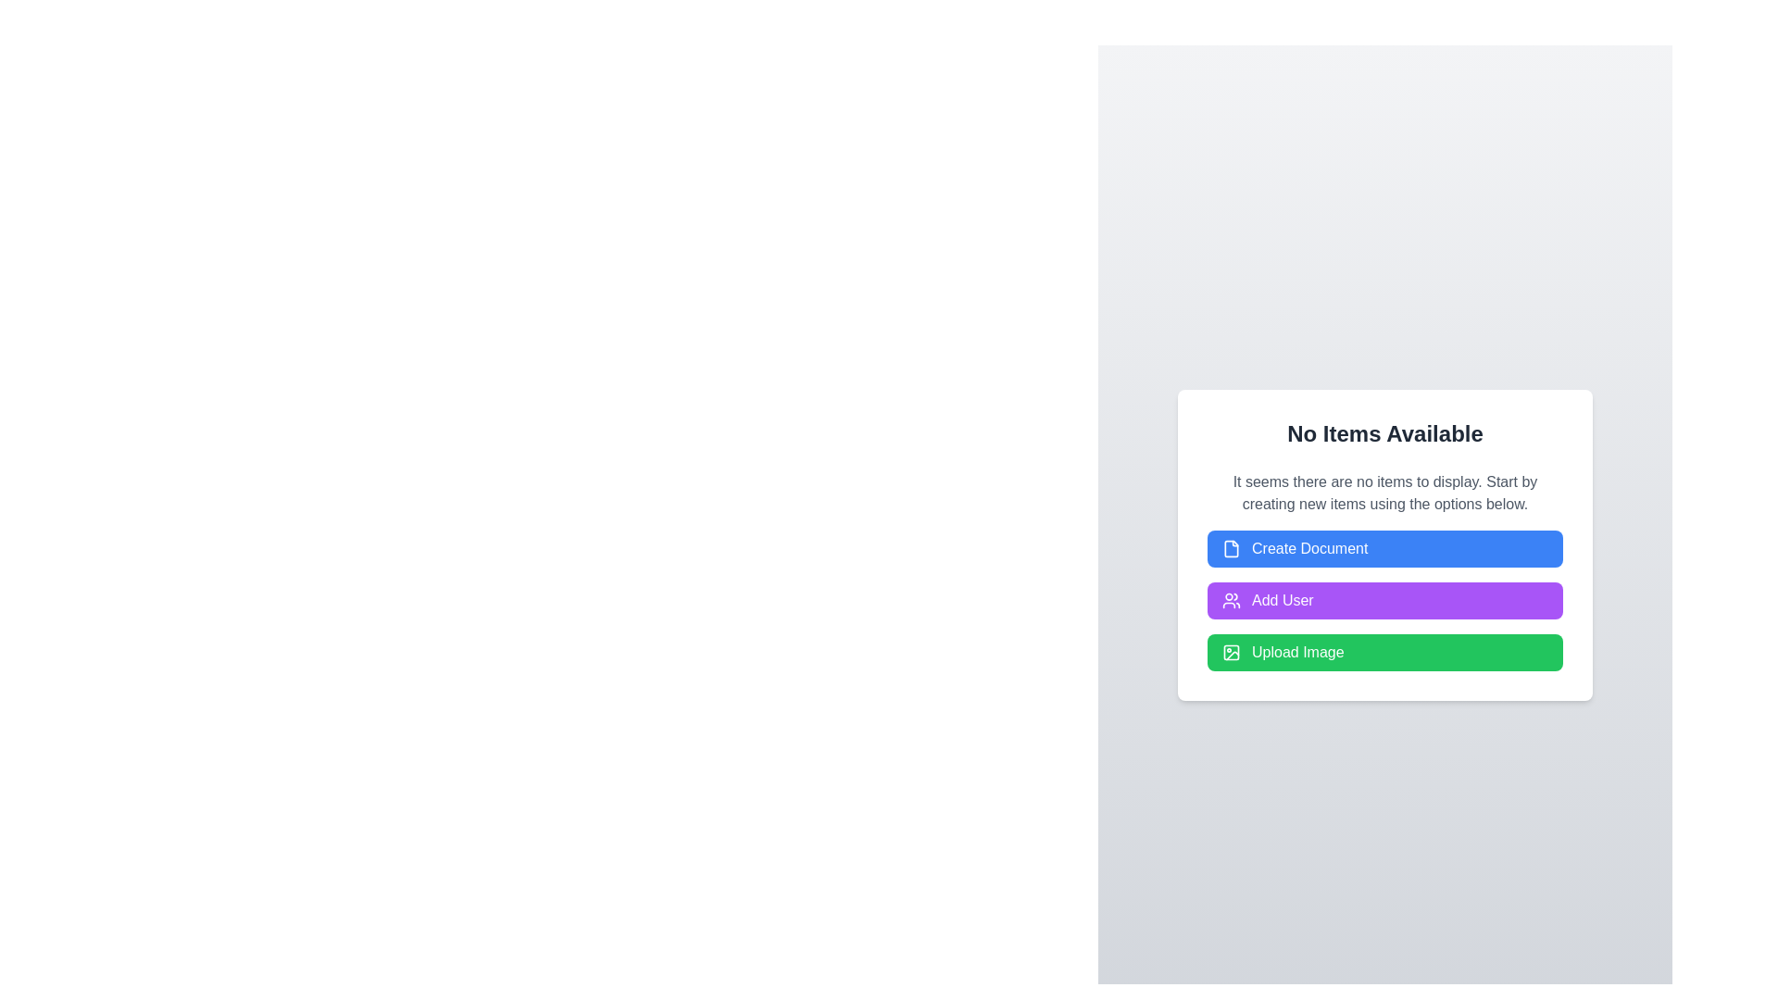 The height and width of the screenshot is (1000, 1778). What do you see at coordinates (1231, 548) in the screenshot?
I see `the icon that indicates the purpose of the 'Create Document' button, which is located on the left side of the button's text label` at bounding box center [1231, 548].